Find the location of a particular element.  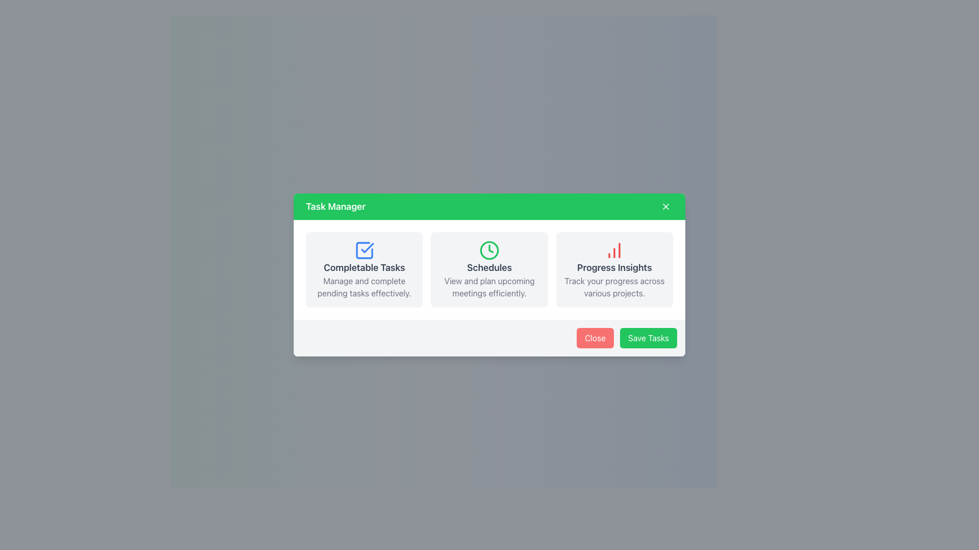

the content of the first Informative Card in the Task Manager interface, which summarizes the feature for managing and completing tasks is located at coordinates (364, 269).